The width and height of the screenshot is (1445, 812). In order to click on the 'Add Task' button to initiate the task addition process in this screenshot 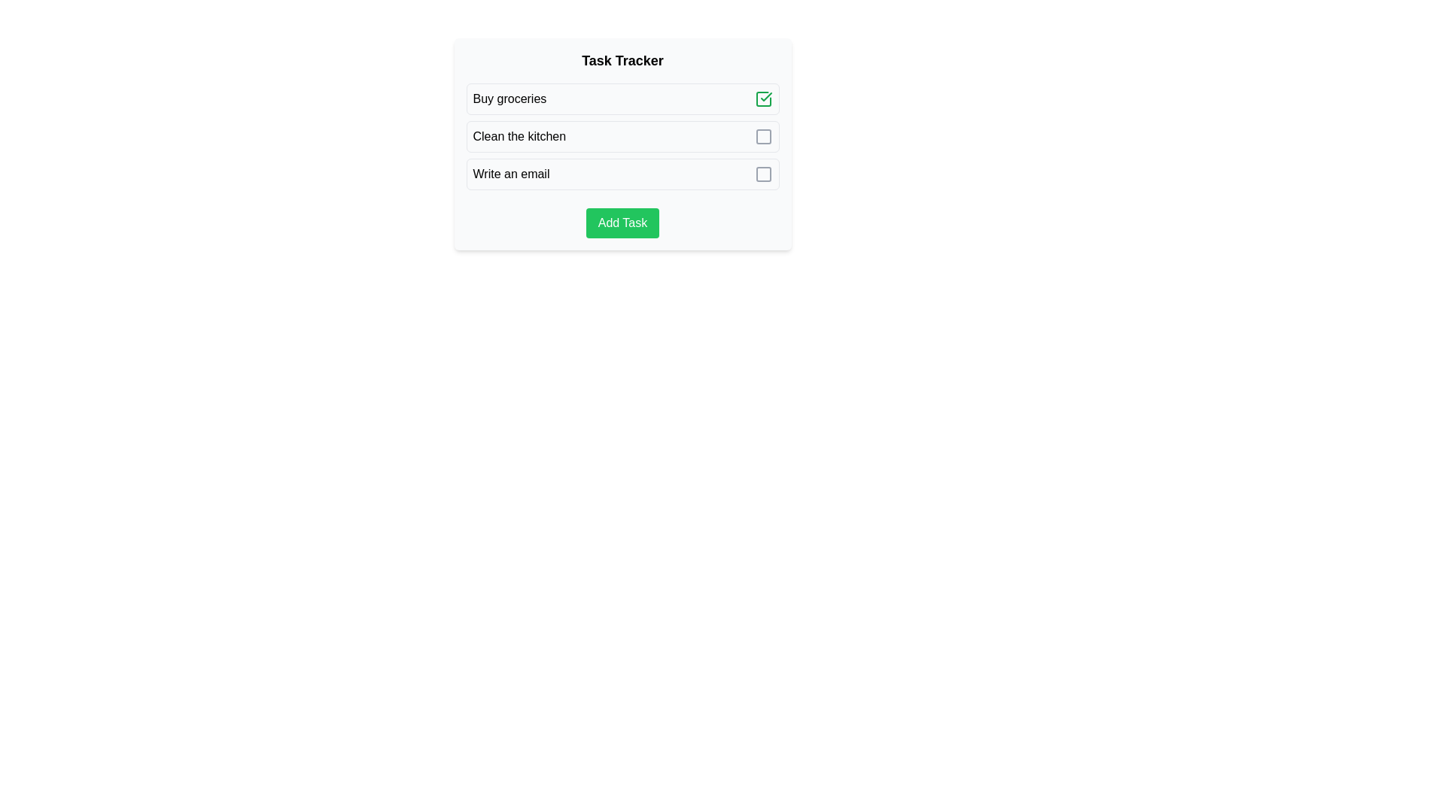, I will do `click(622, 223)`.